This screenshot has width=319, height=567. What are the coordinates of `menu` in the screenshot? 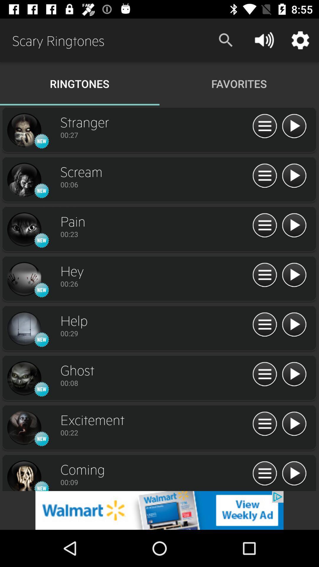 It's located at (264, 374).